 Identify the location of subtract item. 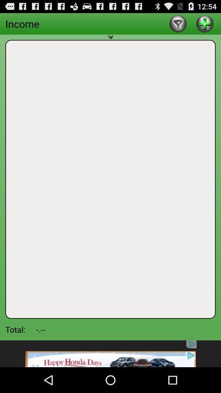
(178, 23).